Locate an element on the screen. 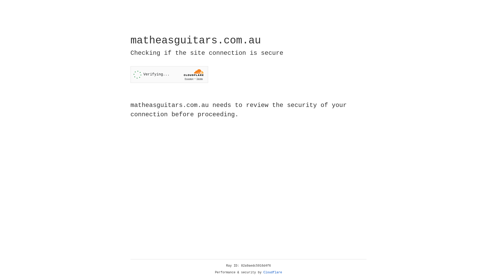 The height and width of the screenshot is (279, 497). 'Cloudflare' is located at coordinates (273, 272).